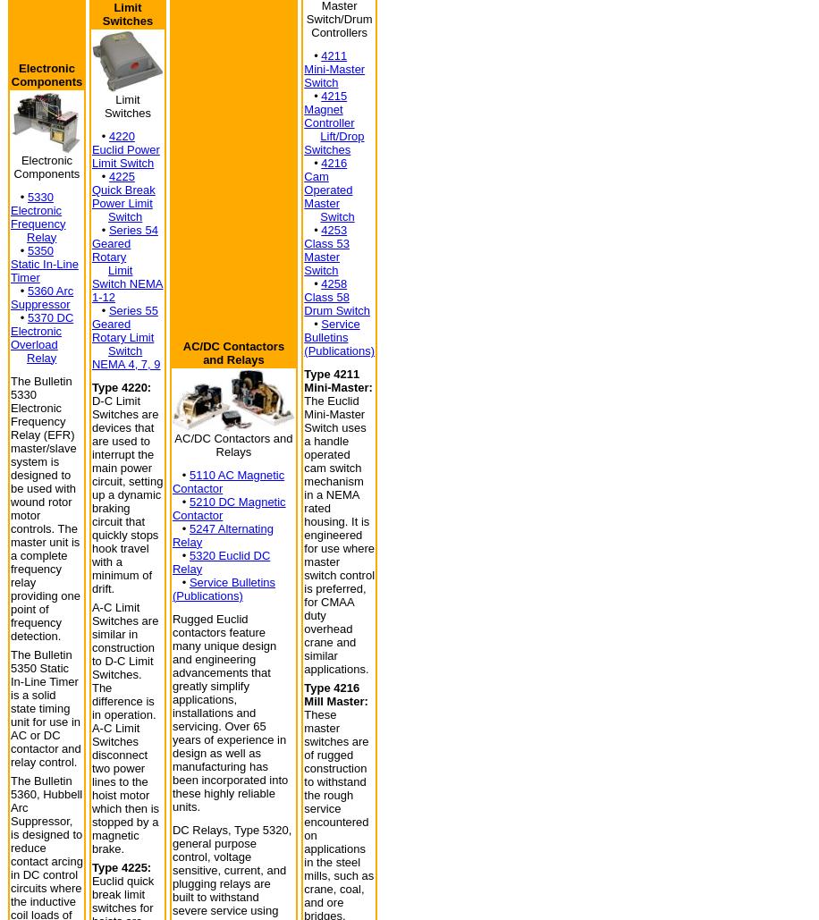 This screenshot has width=819, height=920. What do you see at coordinates (328, 108) in the screenshot?
I see `'4215 Magnet Controller'` at bounding box center [328, 108].